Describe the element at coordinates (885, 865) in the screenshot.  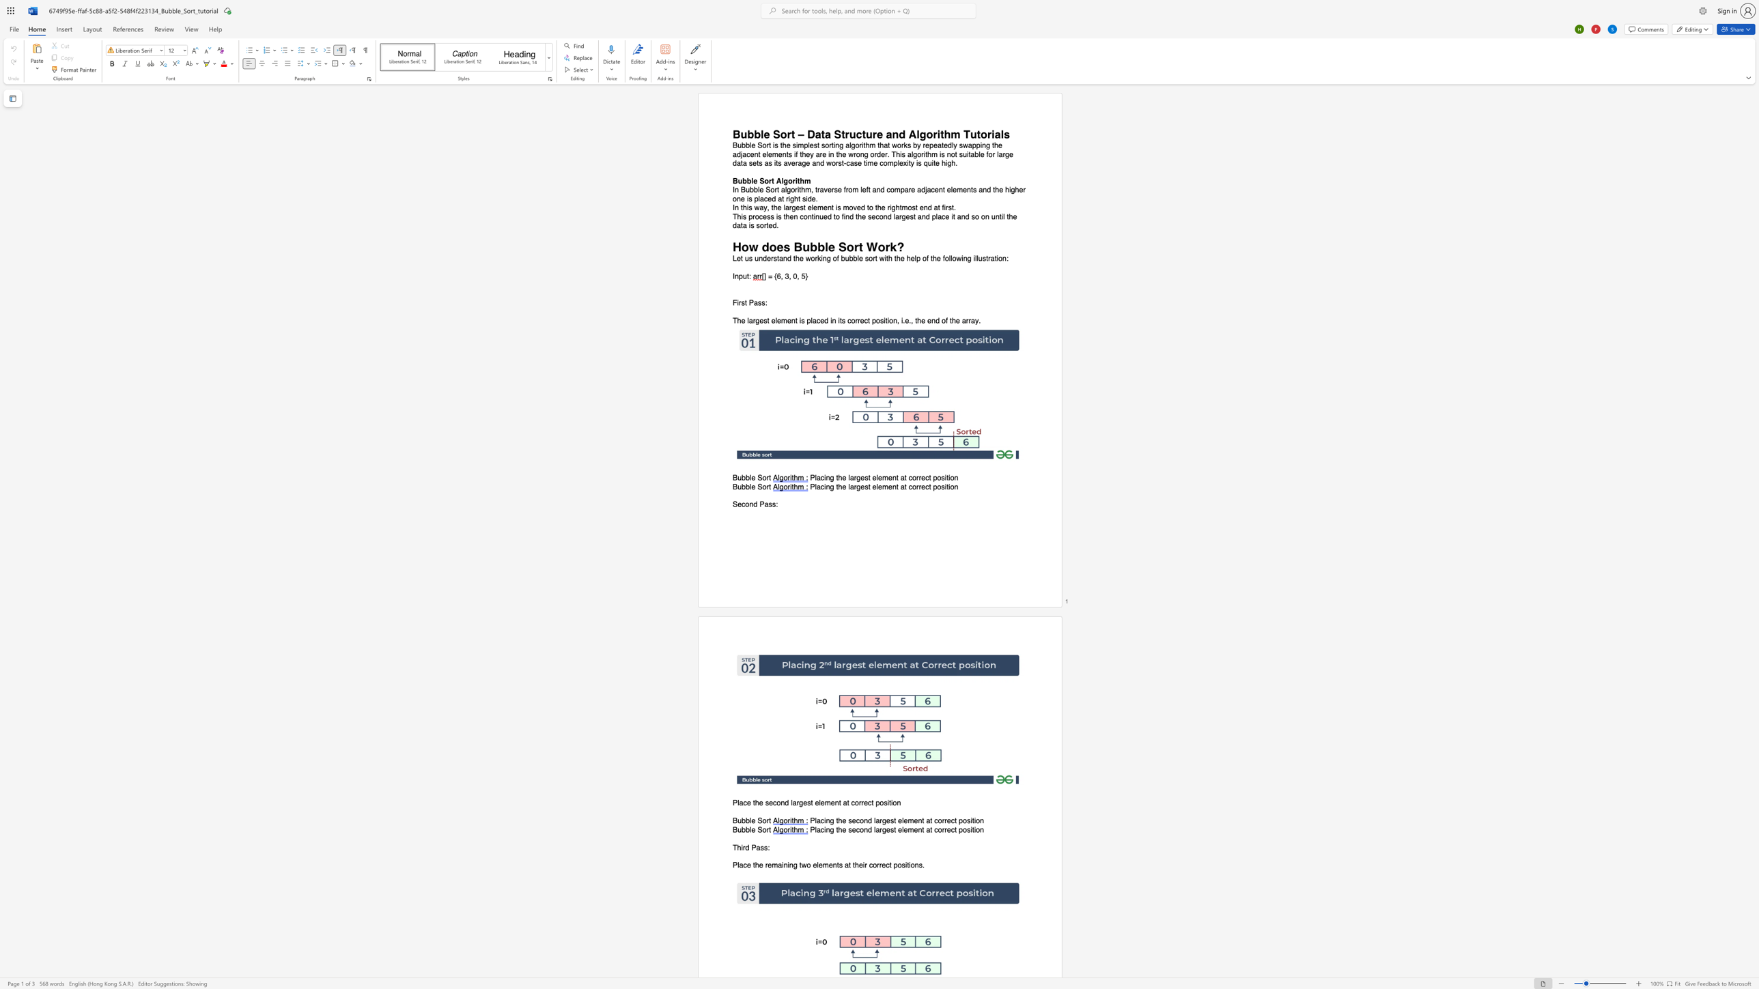
I see `the space between the continuous character "e" and "c" in the text` at that location.